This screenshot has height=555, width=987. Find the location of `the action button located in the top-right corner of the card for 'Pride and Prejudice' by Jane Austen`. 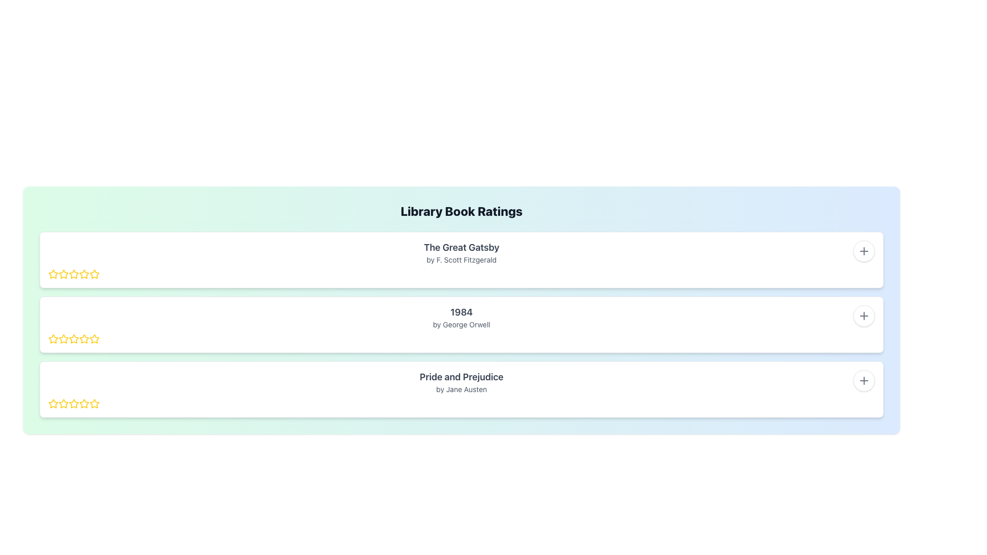

the action button located in the top-right corner of the card for 'Pride and Prejudice' by Jane Austen is located at coordinates (864, 380).